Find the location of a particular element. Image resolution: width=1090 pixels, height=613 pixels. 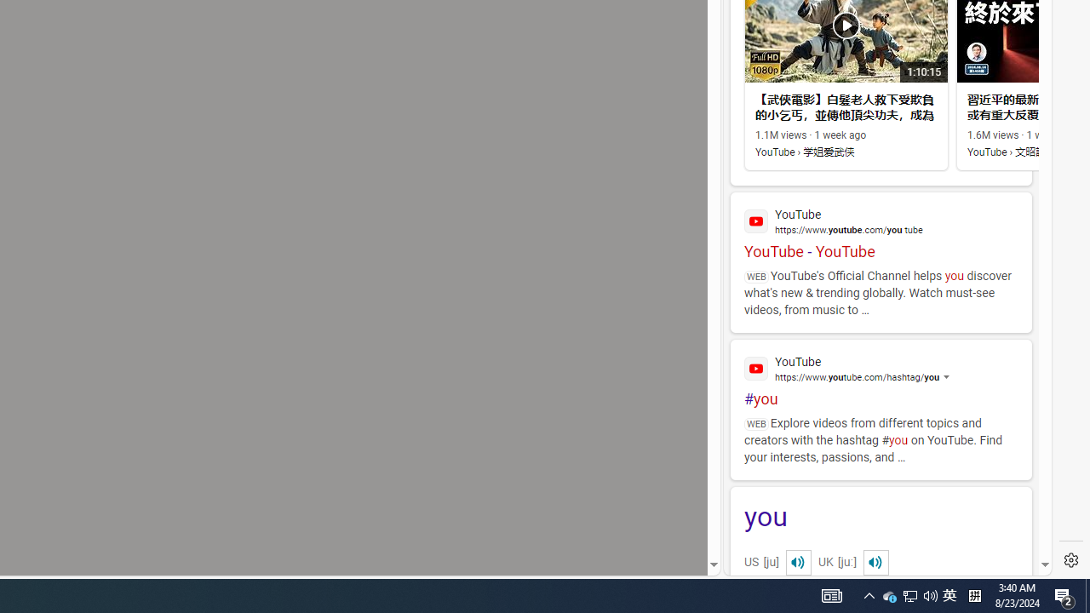

'Class: dict_pnIcon rms_img' is located at coordinates (875, 562).